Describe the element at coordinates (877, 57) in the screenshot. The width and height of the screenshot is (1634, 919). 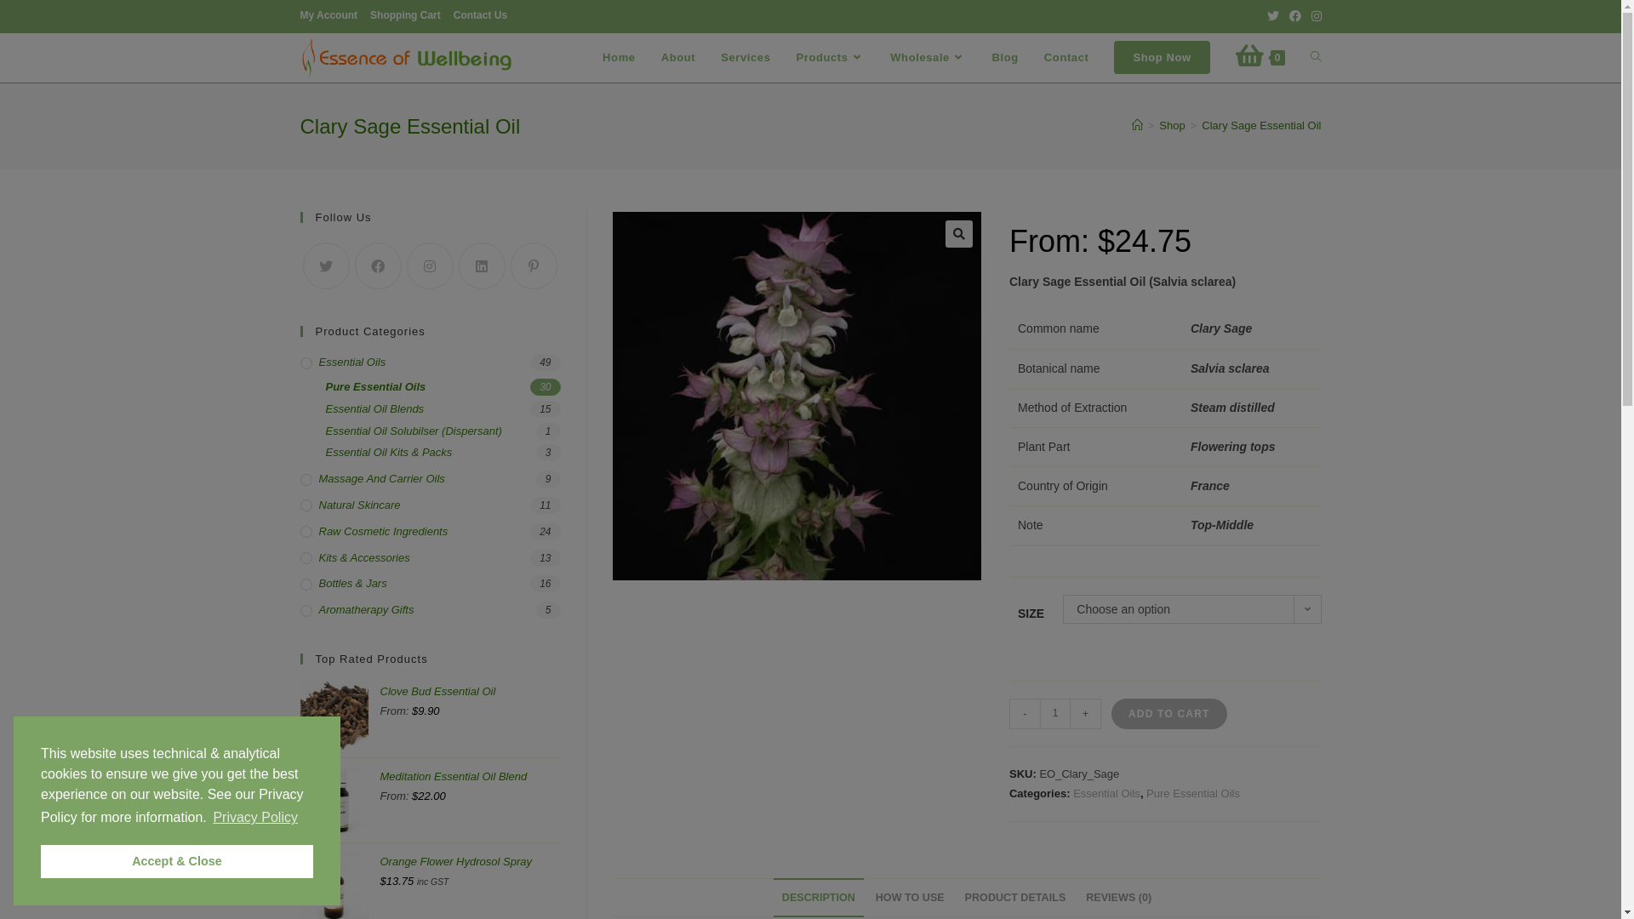
I see `'Wholesale'` at that location.